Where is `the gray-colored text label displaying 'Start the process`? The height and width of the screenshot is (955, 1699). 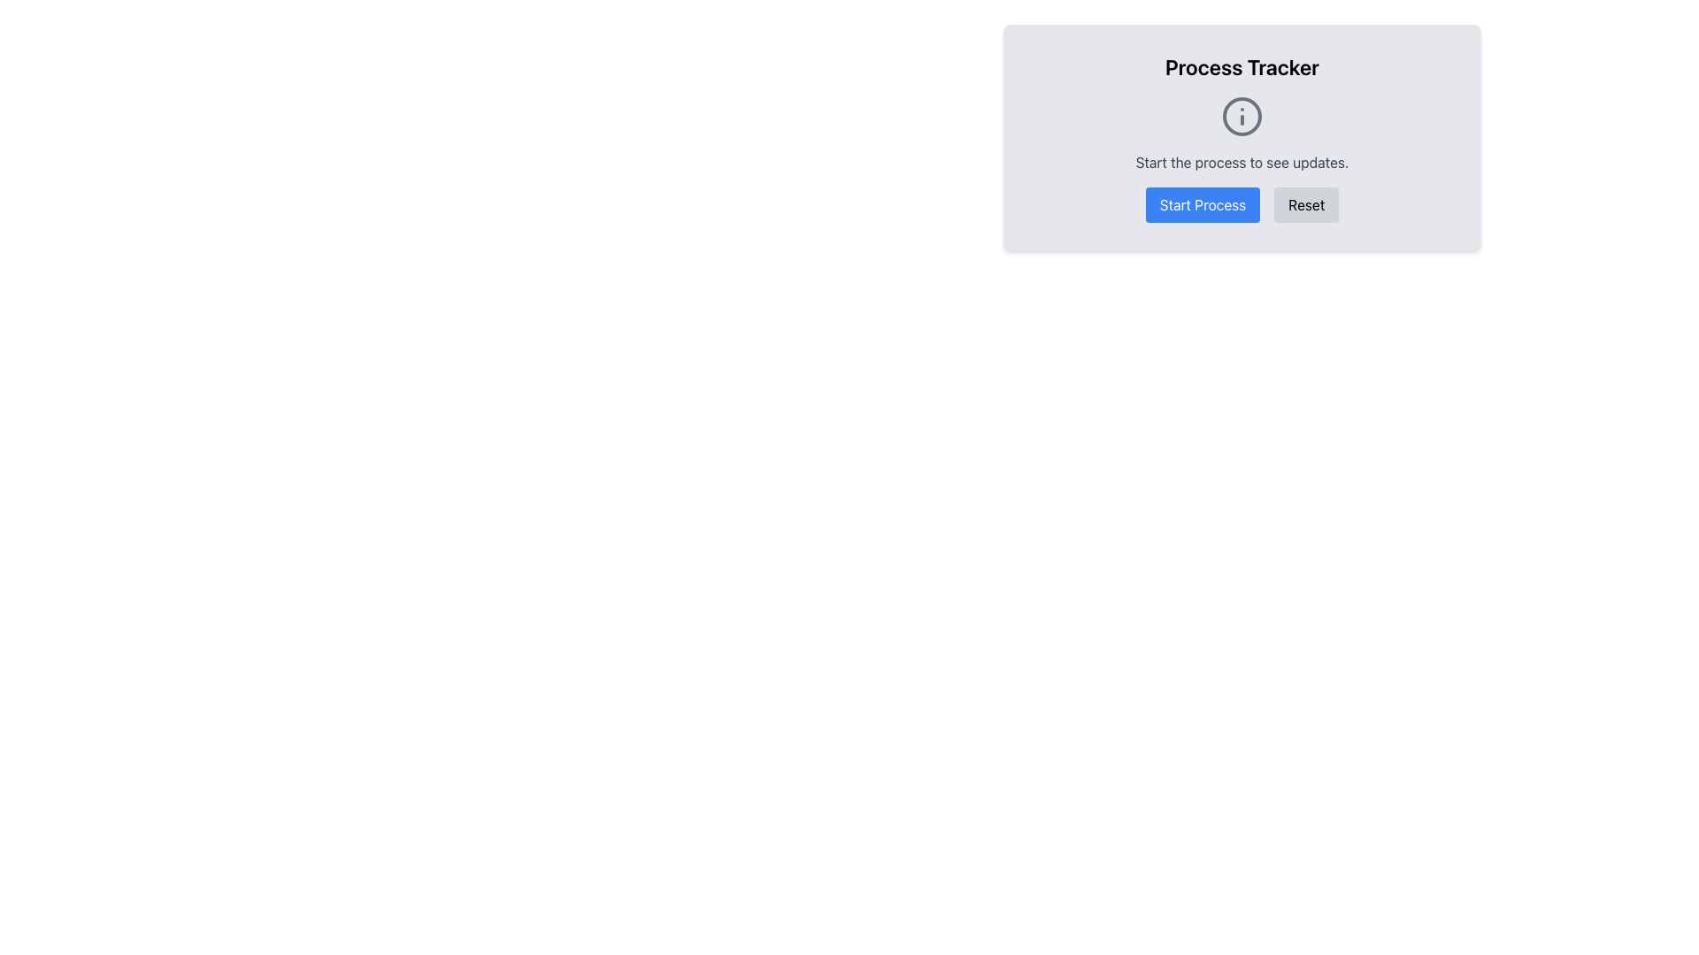
the gray-colored text label displaying 'Start the process is located at coordinates (1241, 163).